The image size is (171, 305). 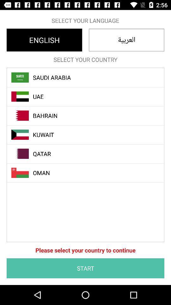 I want to click on the item above the qatar icon, so click(x=89, y=135).